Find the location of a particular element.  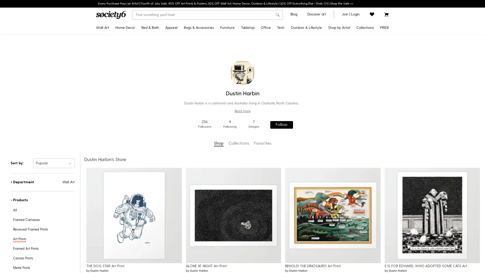

Makeup Bags is located at coordinates (202, 89).